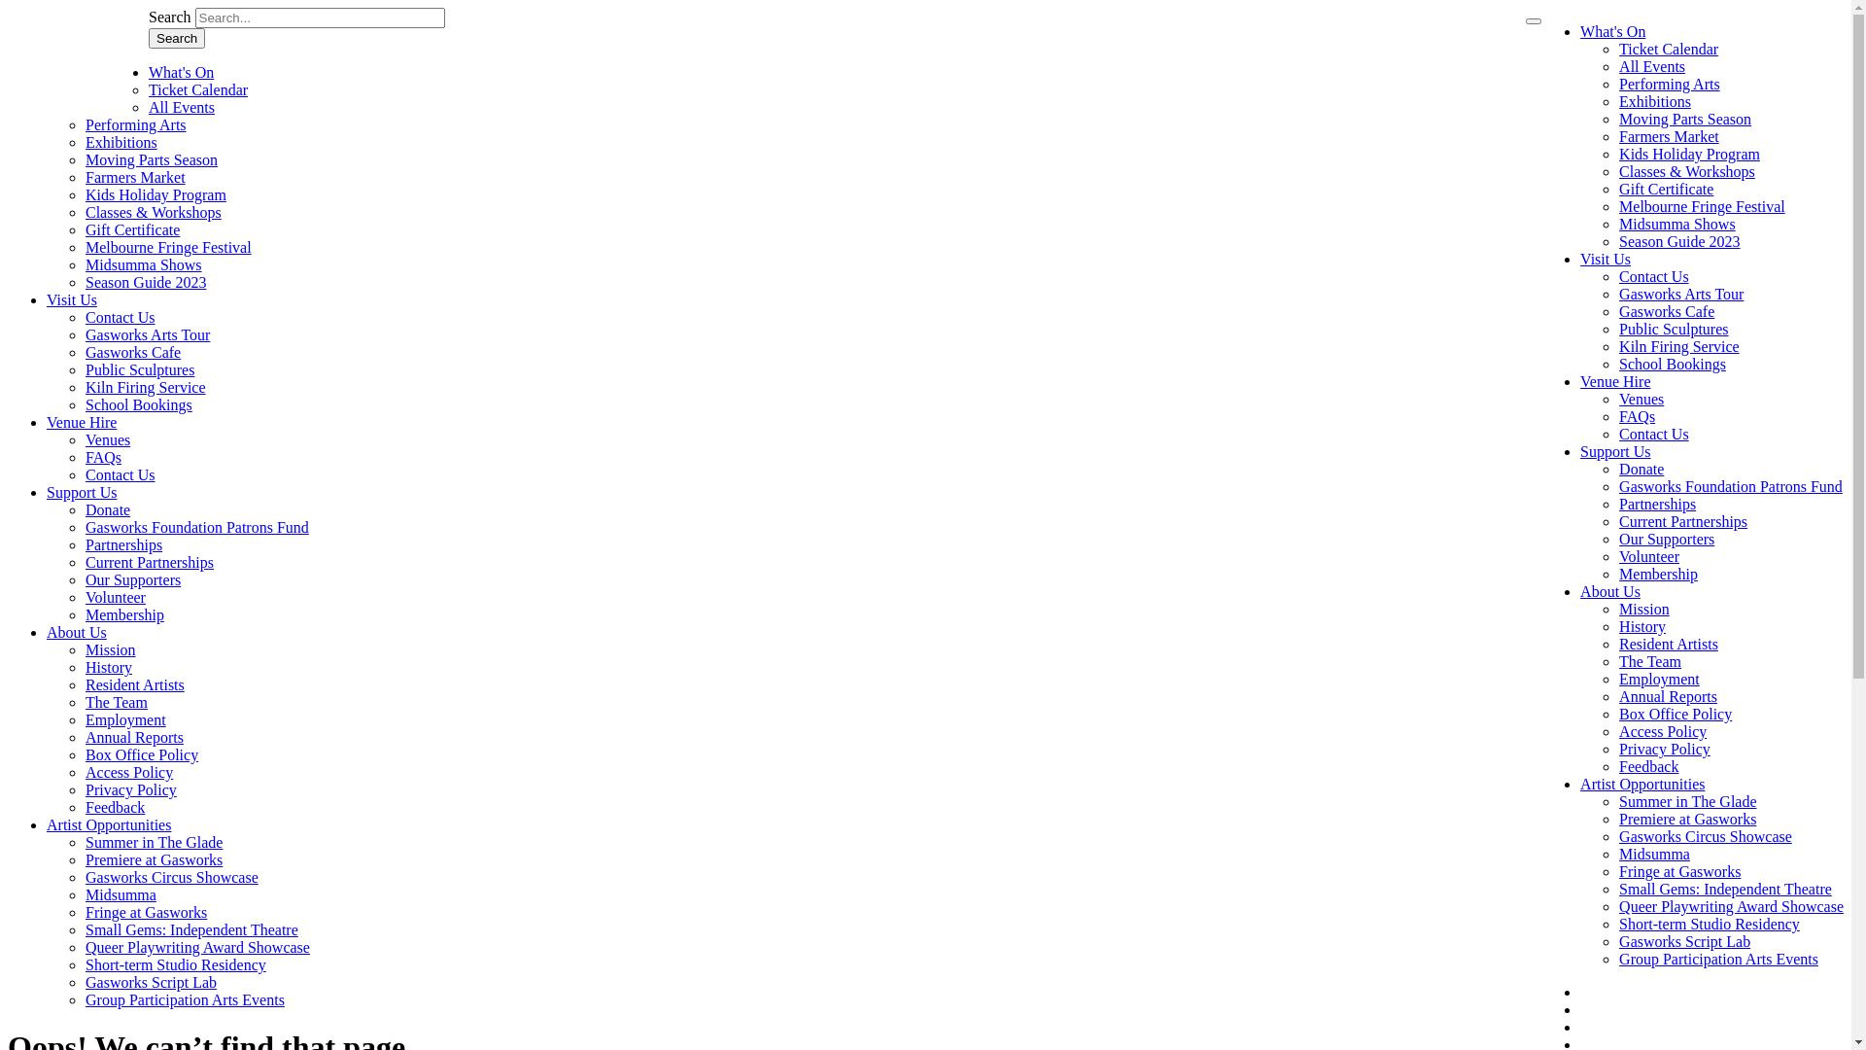  Describe the element at coordinates (132, 578) in the screenshot. I see `'Our Supporters'` at that location.